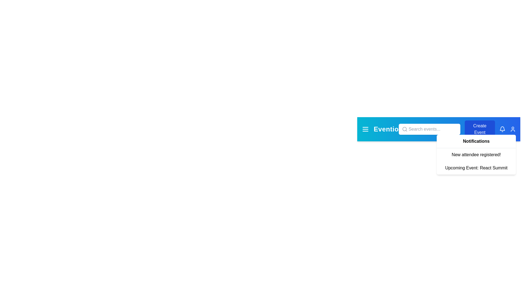  What do you see at coordinates (429, 129) in the screenshot?
I see `the search input field and type 'React Summit'` at bounding box center [429, 129].